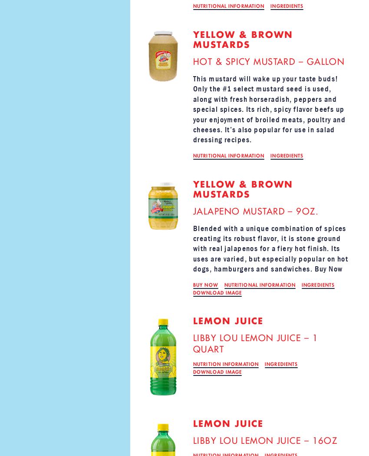 This screenshot has height=456, width=369. Describe the element at coordinates (205, 284) in the screenshot. I see `'BUY NOW'` at that location.